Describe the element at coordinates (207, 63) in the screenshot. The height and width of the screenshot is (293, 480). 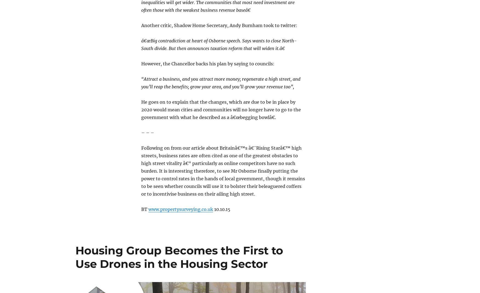
I see `'However, the Chancellor backs his plan by saying to councils:'` at that location.